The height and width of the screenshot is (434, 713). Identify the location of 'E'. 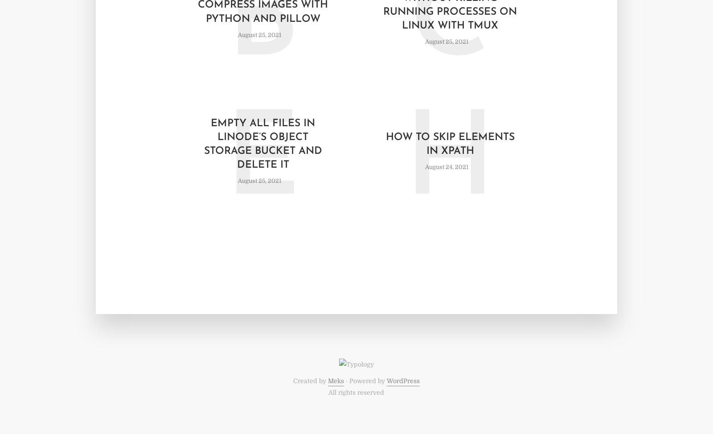
(262, 164).